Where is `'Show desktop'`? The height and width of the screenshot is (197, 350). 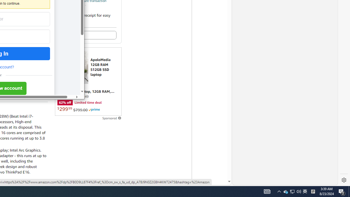 'Show desktop' is located at coordinates (349, 191).